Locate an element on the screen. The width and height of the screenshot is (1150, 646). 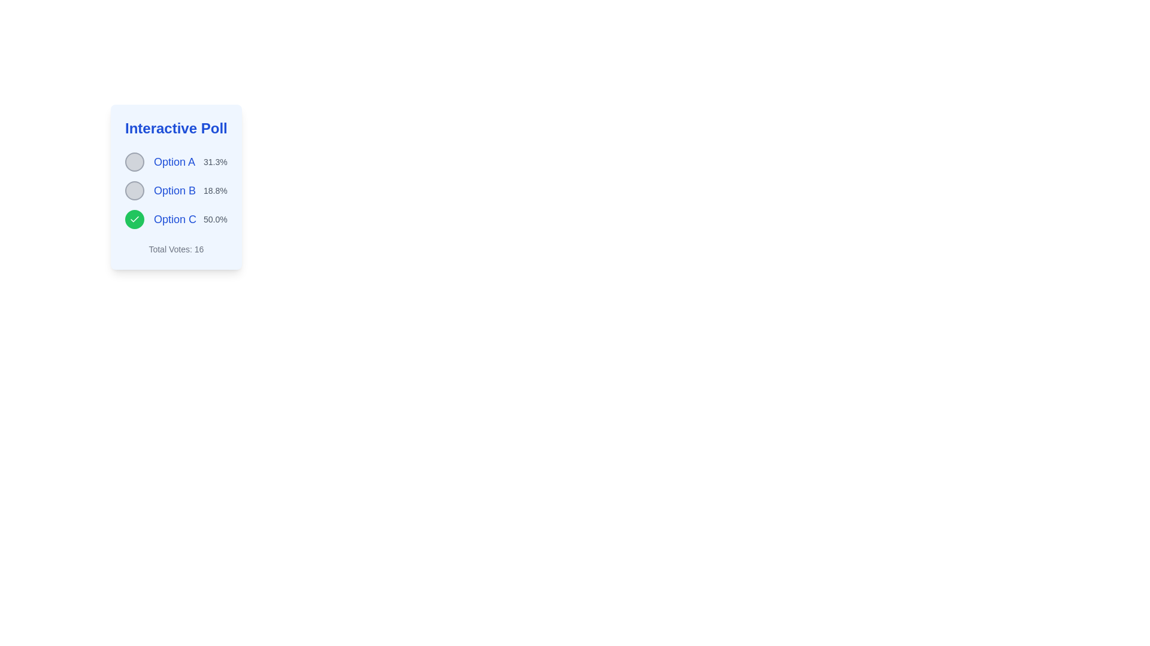
the 'Option C' text label in the interactive poll, which is located in the third row and adjacent to a checkmark is located at coordinates (160, 219).